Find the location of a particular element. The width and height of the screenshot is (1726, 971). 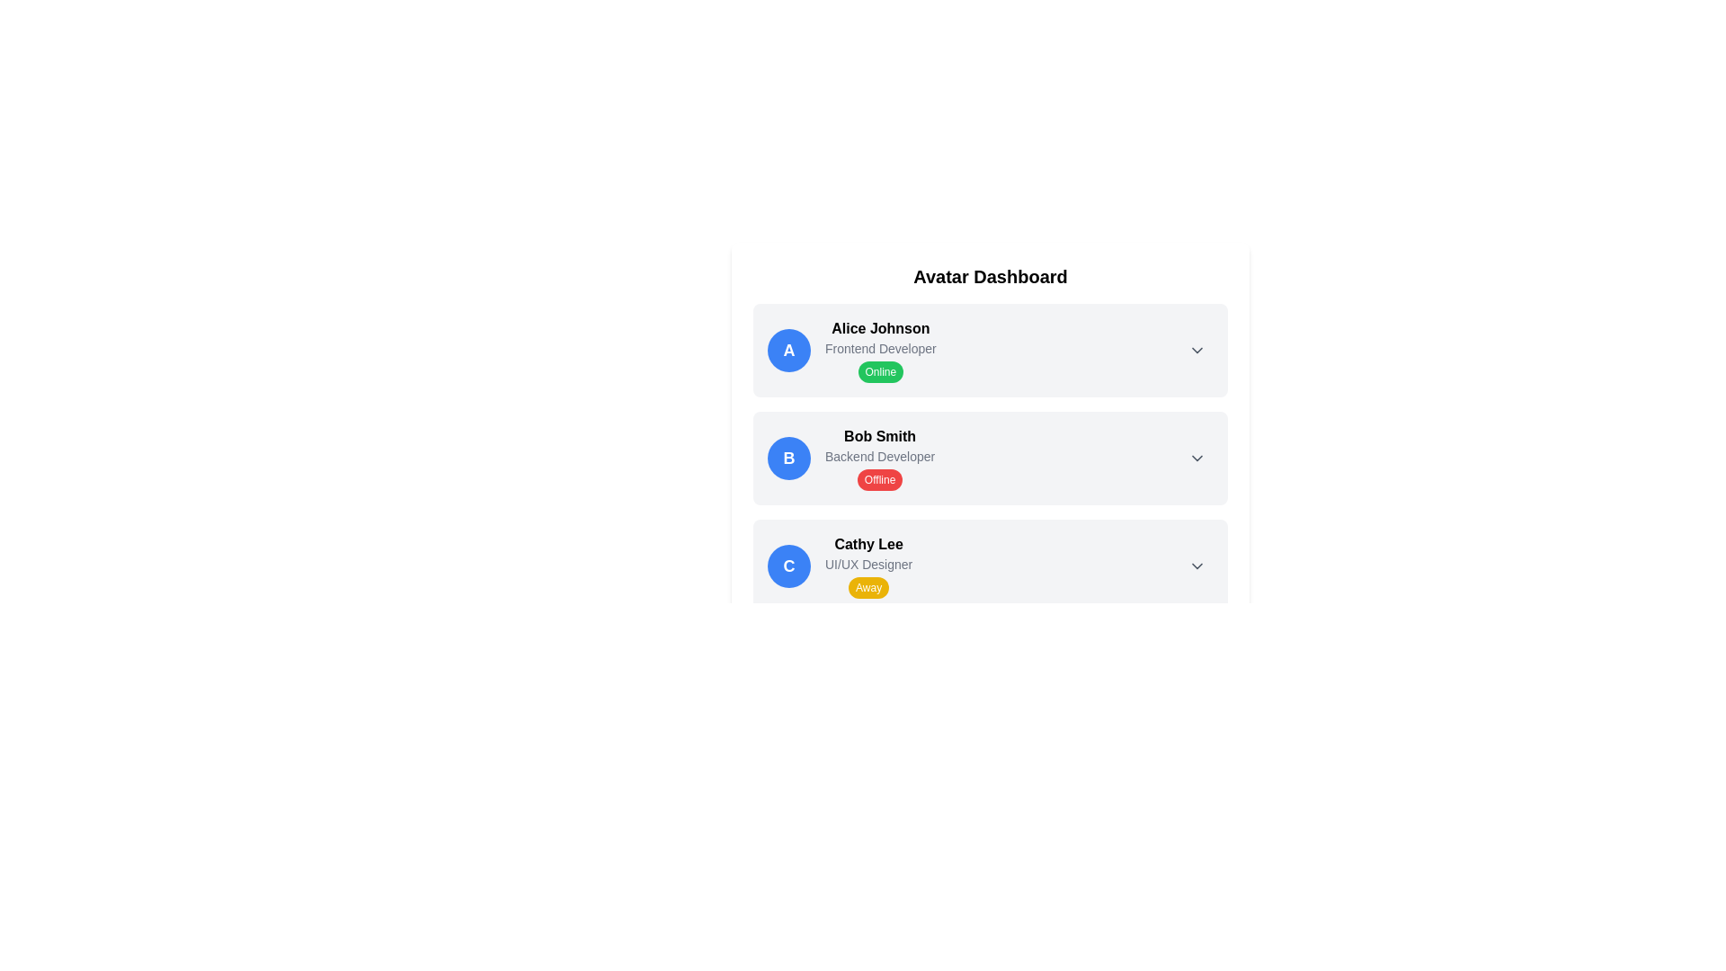

the chevron-down icon representing a downward arrow, which is located in the user list for 'Cathy Lee' is located at coordinates (1197, 565).